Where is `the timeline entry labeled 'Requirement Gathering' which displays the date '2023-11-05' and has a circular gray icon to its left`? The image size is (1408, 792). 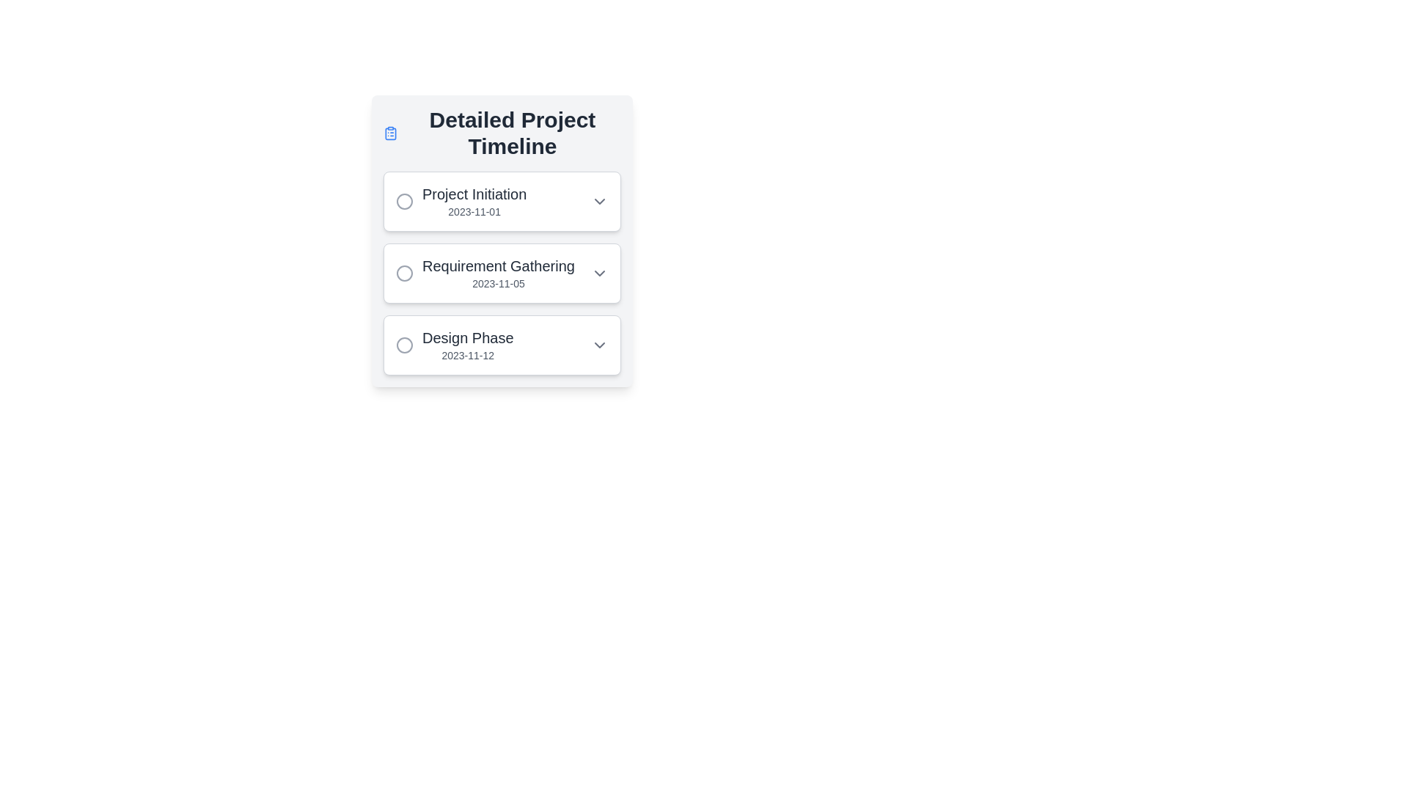 the timeline entry labeled 'Requirement Gathering' which displays the date '2023-11-05' and has a circular gray icon to its left is located at coordinates (485, 274).